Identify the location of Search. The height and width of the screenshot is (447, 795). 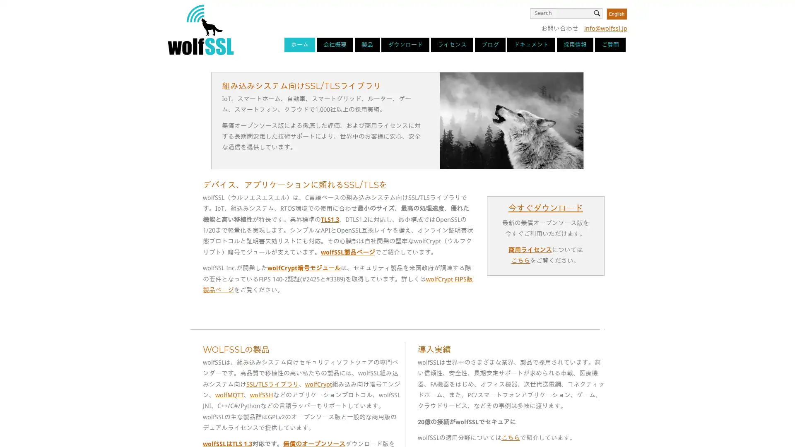
(597, 13).